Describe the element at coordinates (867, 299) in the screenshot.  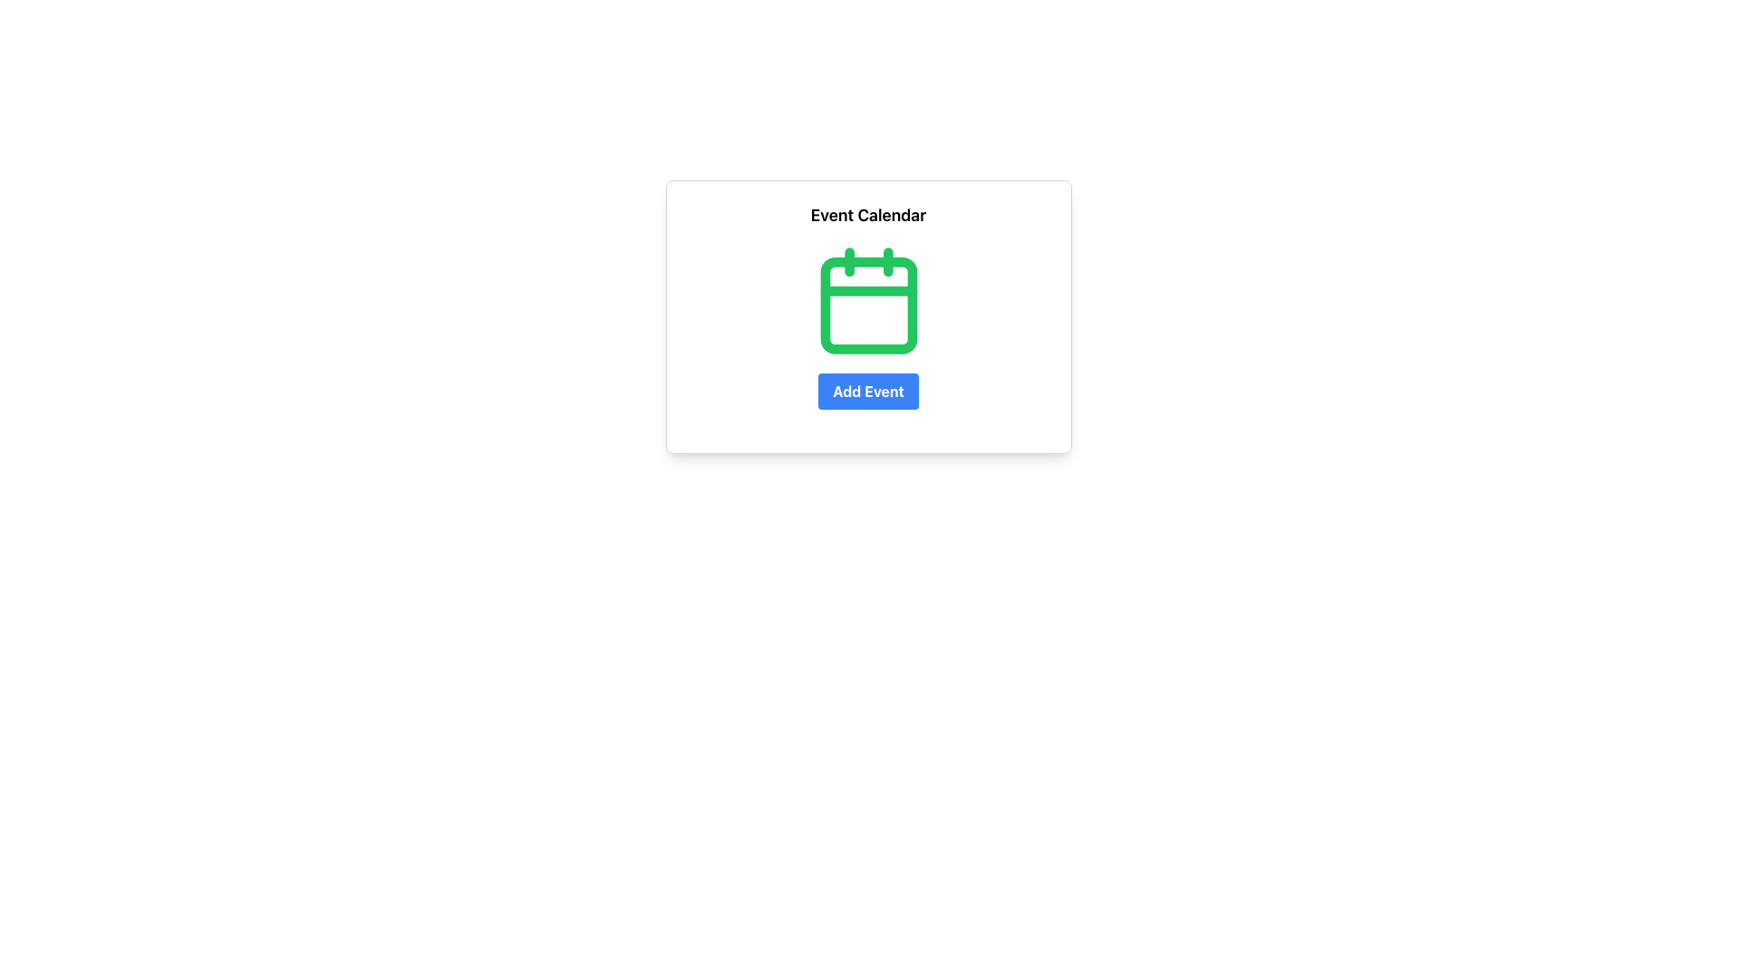
I see `the calendar icon, which is located below the 'Event Calendar' text and above the 'Add Event' button, serving as a visual representation for scheduling functionality` at that location.